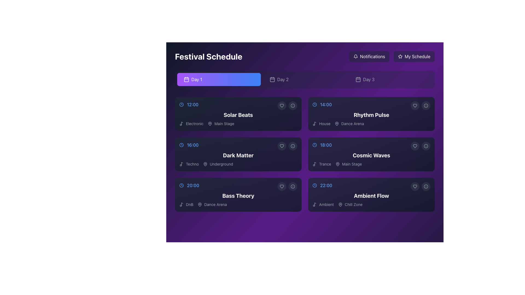 This screenshot has height=295, width=525. Describe the element at coordinates (186, 79) in the screenshot. I see `the visual design of the calendar icon within the 'Day 1' button, located at the upper left of the interface` at that location.